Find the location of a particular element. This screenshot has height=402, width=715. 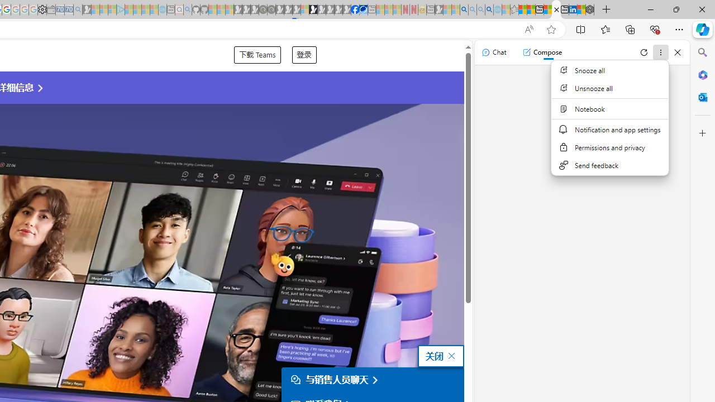

'Compose' is located at coordinates (542, 52).